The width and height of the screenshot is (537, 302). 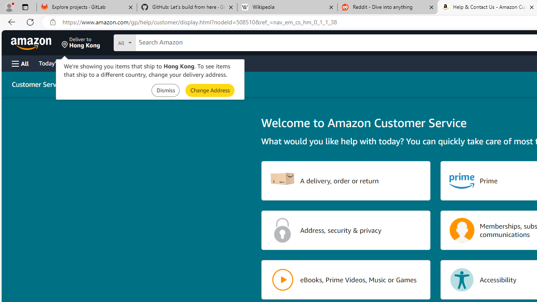 What do you see at coordinates (156, 42) in the screenshot?
I see `'Search in'` at bounding box center [156, 42].